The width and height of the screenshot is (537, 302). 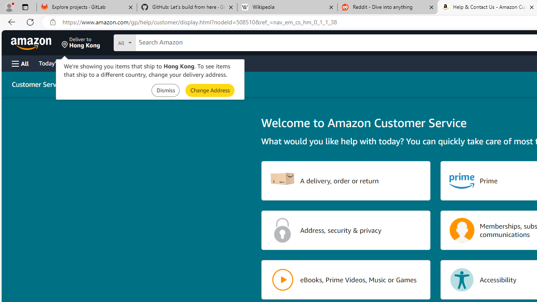 What do you see at coordinates (156, 42) in the screenshot?
I see `'Search in'` at bounding box center [156, 42].